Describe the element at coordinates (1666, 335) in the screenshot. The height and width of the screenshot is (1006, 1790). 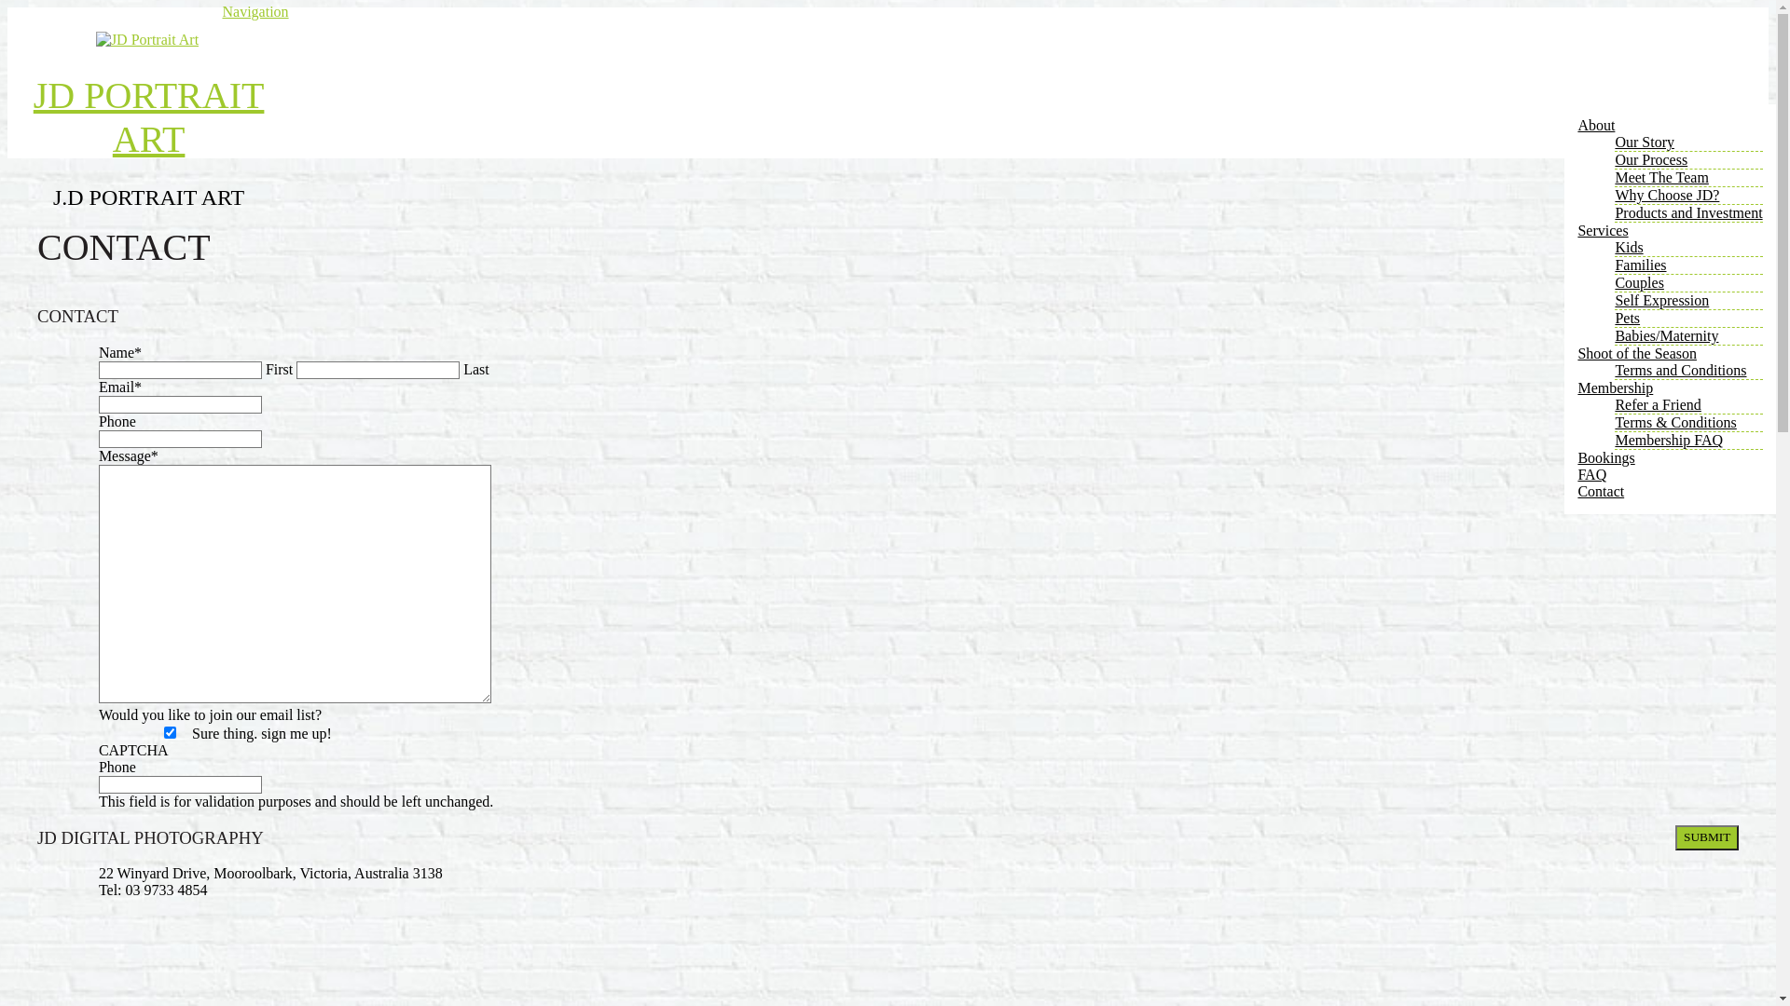
I see `'Babies/Maternity'` at that location.